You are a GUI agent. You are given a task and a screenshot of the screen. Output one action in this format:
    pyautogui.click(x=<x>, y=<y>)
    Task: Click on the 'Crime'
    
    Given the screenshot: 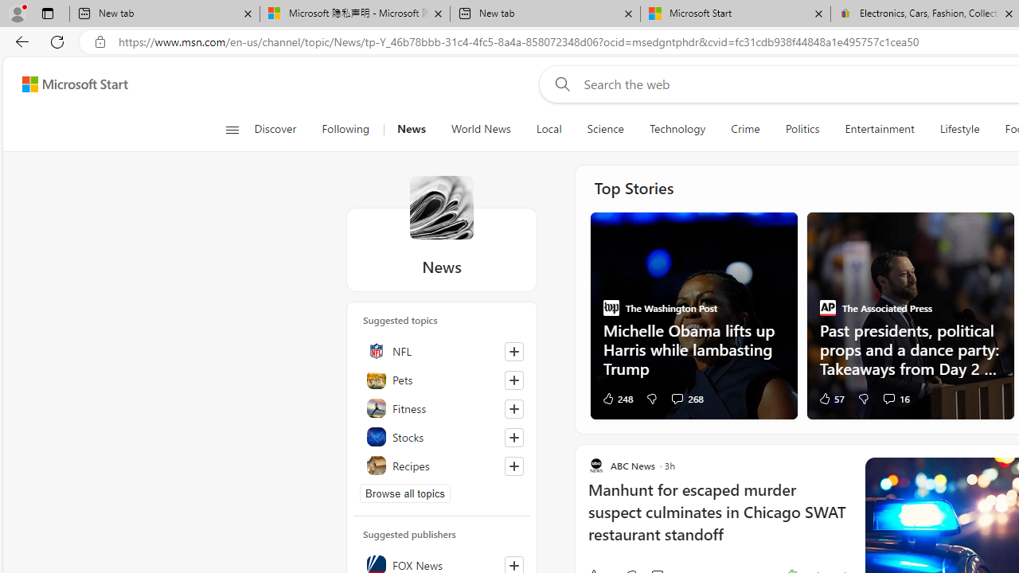 What is the action you would take?
    pyautogui.click(x=744, y=129)
    